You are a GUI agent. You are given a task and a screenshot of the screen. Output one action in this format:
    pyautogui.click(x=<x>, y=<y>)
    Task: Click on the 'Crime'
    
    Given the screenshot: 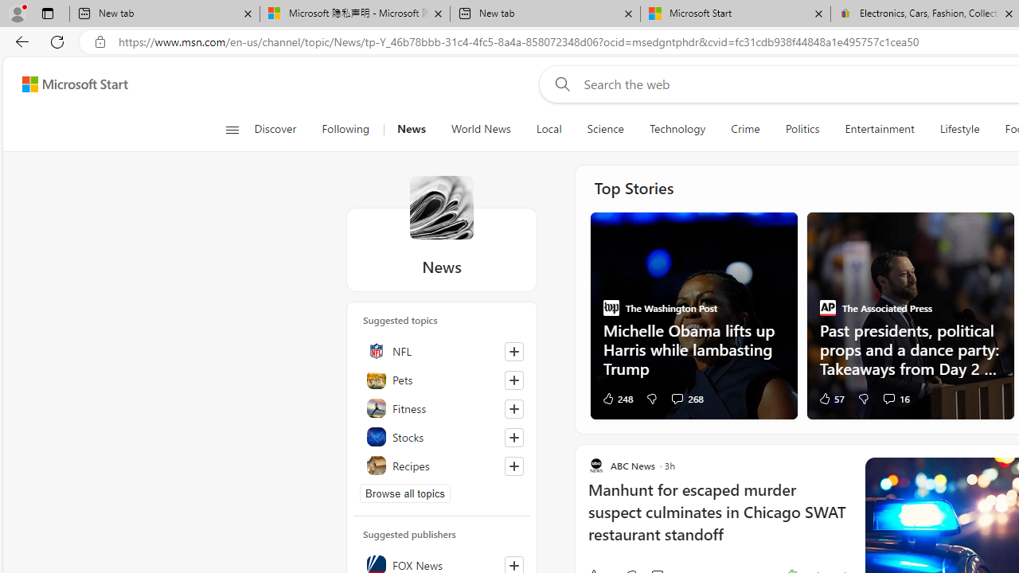 What is the action you would take?
    pyautogui.click(x=744, y=129)
    